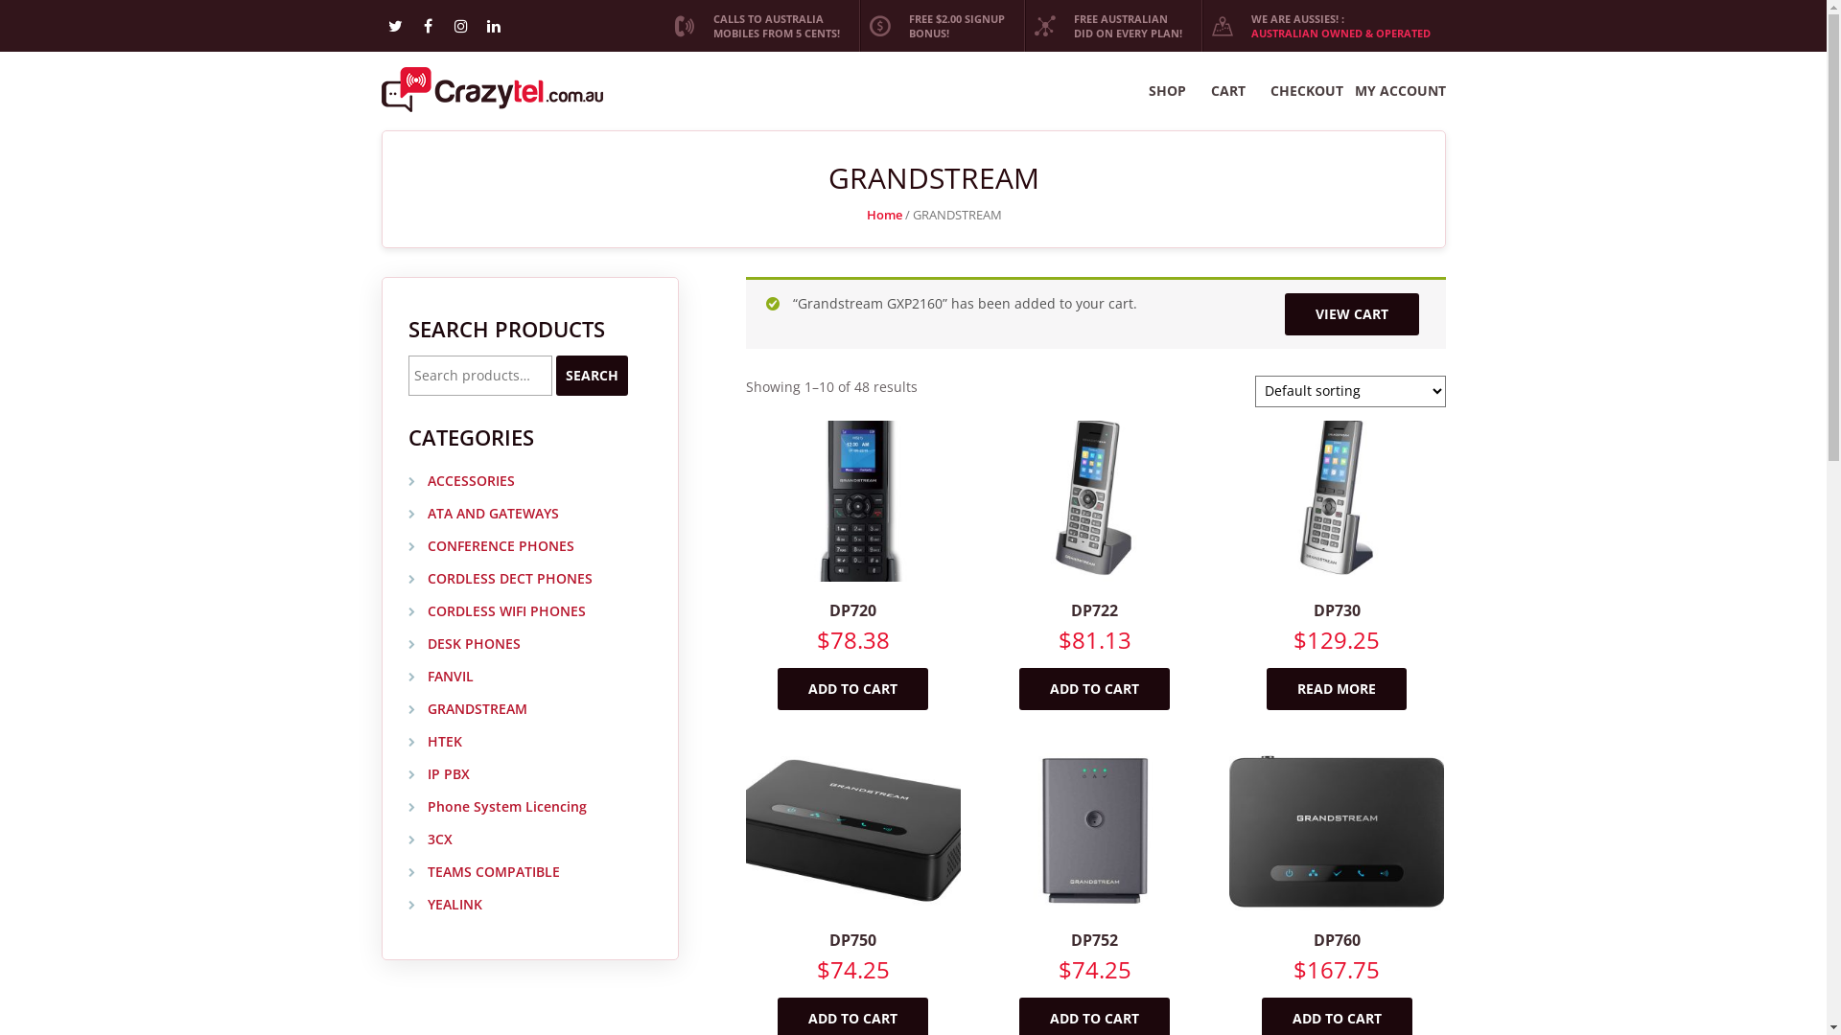 Image resolution: width=1841 pixels, height=1035 pixels. What do you see at coordinates (663, 26) in the screenshot?
I see `'CALLS TO AUSTRALIA` at bounding box center [663, 26].